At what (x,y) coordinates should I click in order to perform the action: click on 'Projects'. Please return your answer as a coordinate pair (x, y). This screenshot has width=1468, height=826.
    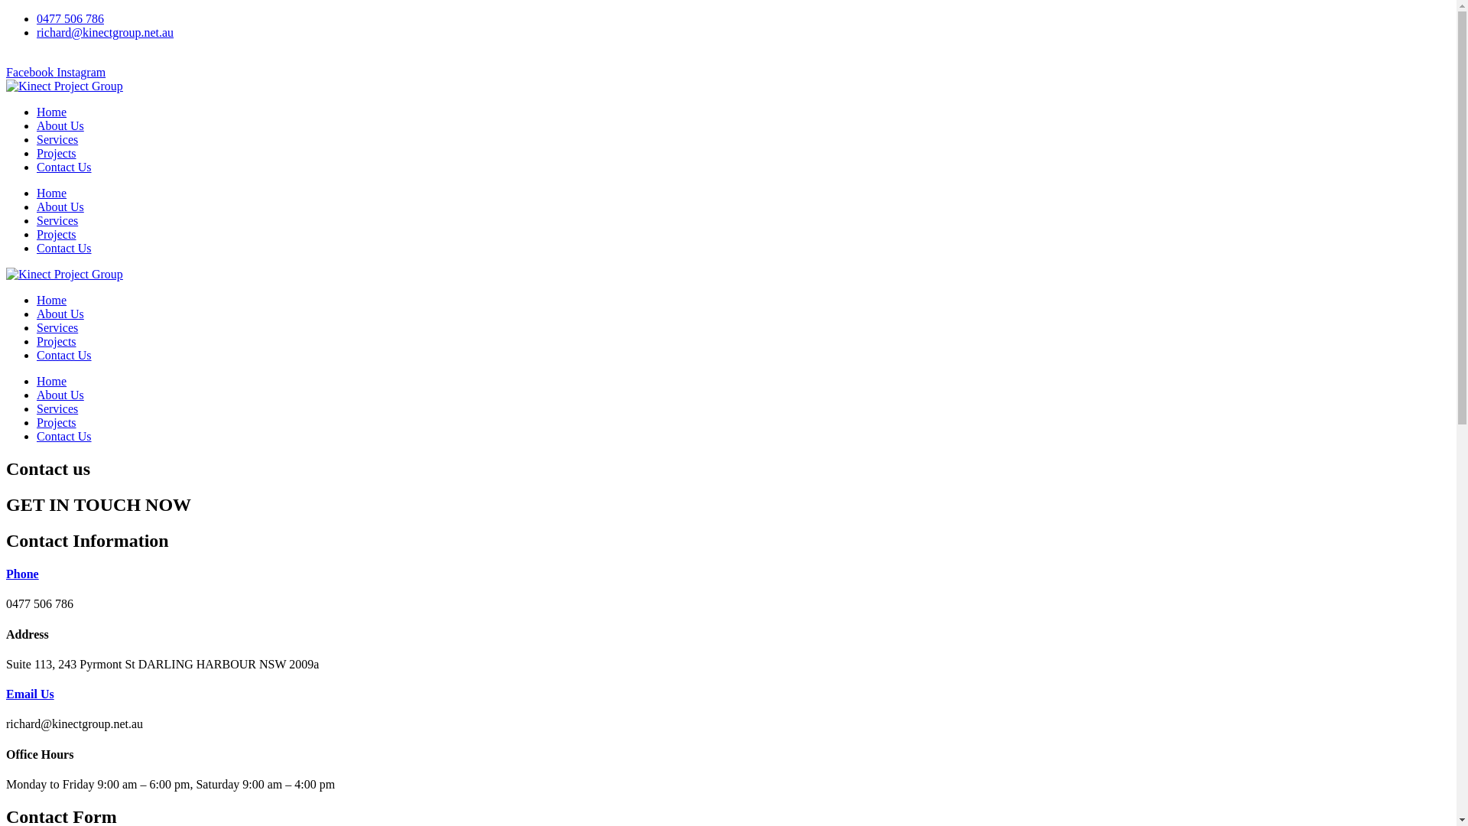
    Looking at the image, I should click on (56, 422).